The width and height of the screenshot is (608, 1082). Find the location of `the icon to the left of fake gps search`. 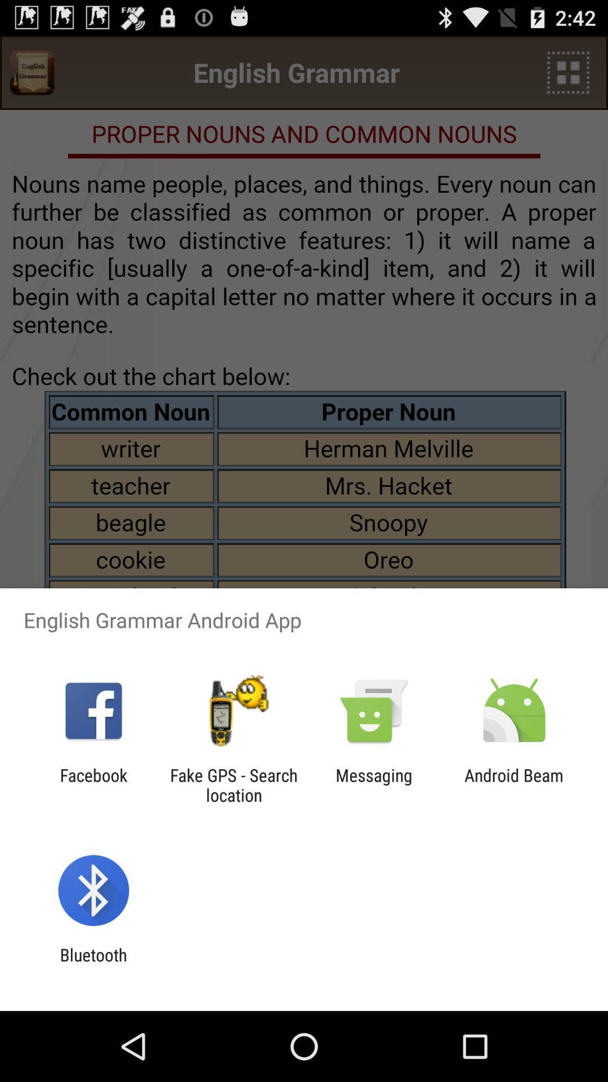

the icon to the left of fake gps search is located at coordinates (93, 784).